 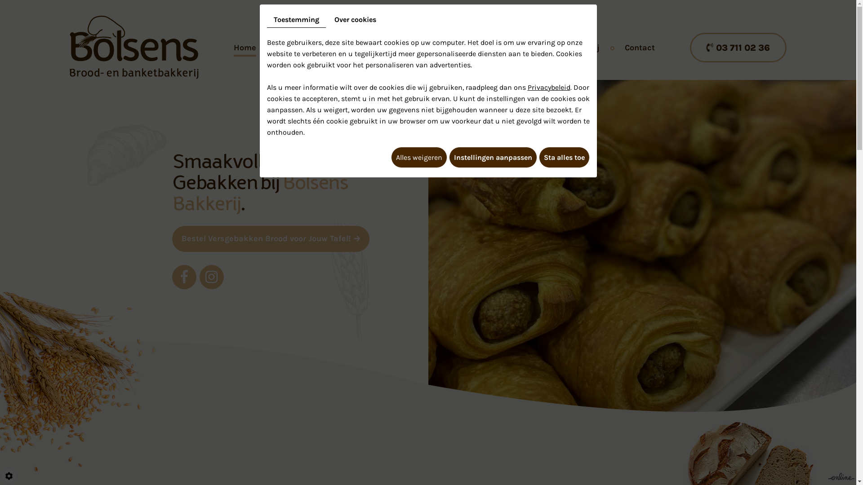 What do you see at coordinates (548, 87) in the screenshot?
I see `'Privacybeleid'` at bounding box center [548, 87].